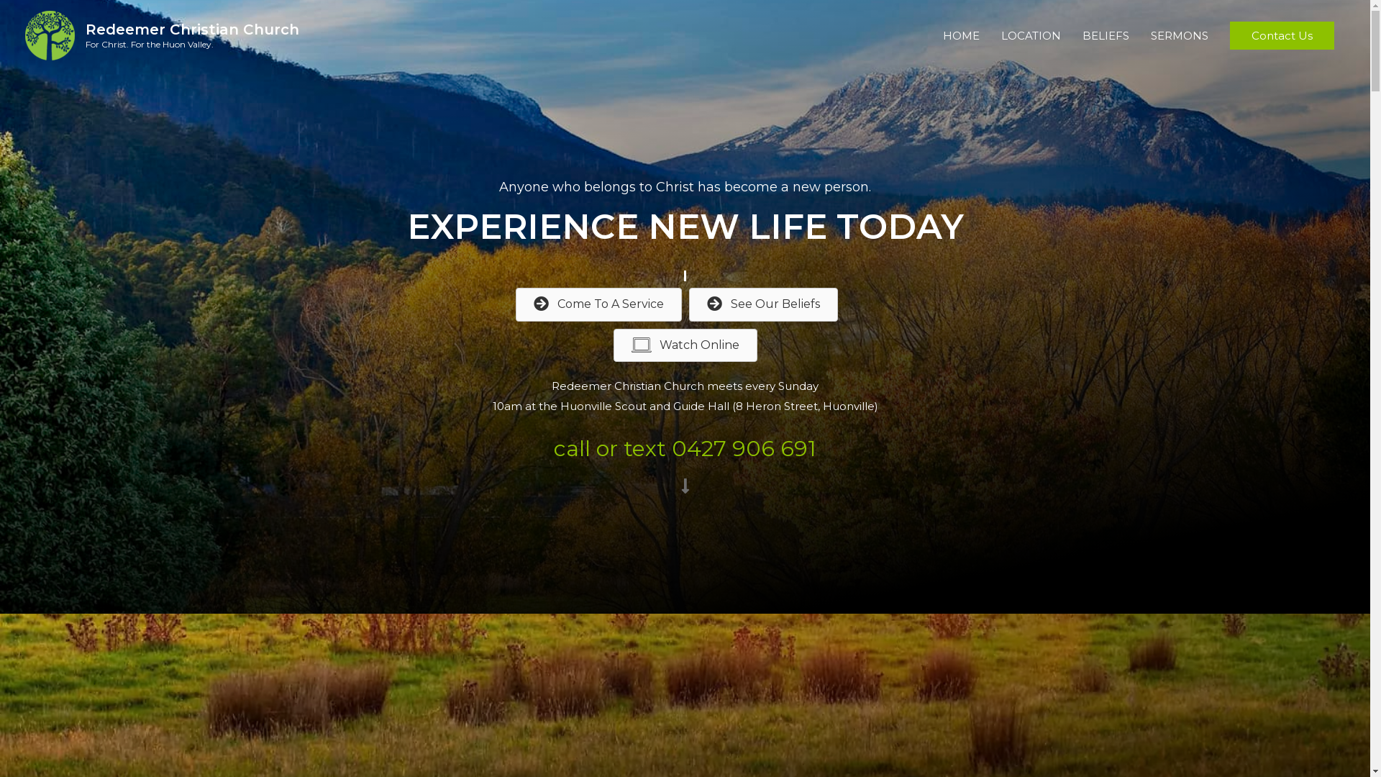 Image resolution: width=1381 pixels, height=777 pixels. I want to click on 'SERMONS', so click(1180, 35).